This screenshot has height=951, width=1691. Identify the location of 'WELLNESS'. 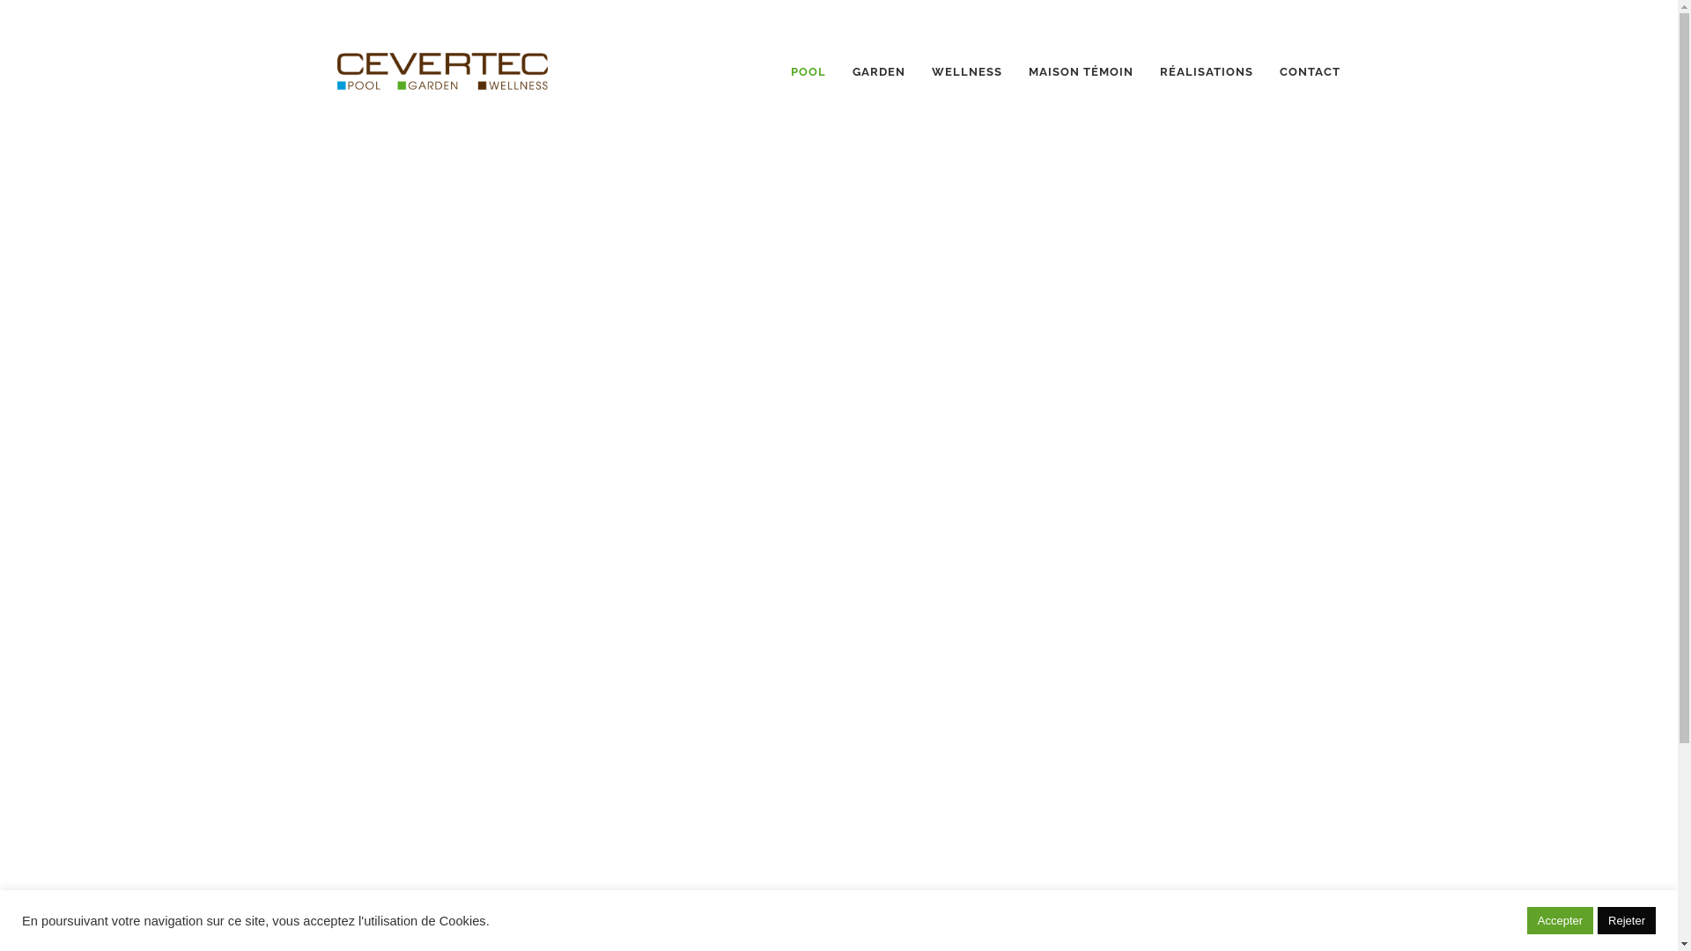
(966, 70).